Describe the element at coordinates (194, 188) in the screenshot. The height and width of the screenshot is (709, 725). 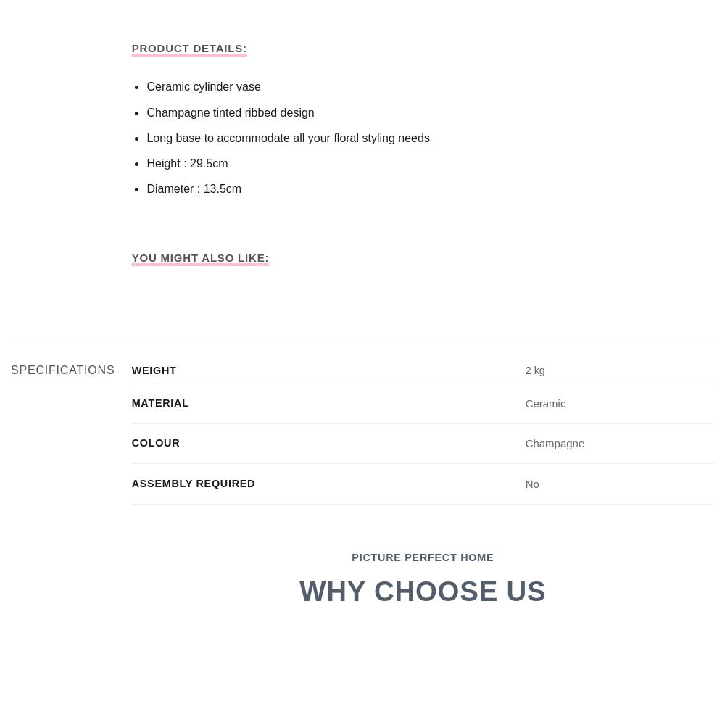
I see `'Diameter : 13.5cm'` at that location.